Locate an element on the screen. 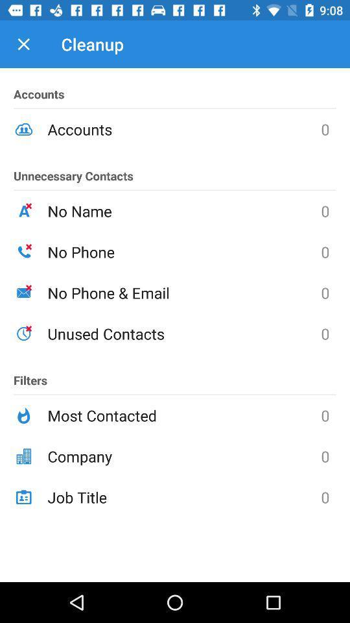 This screenshot has height=623, width=350. no name icon is located at coordinates (183, 211).